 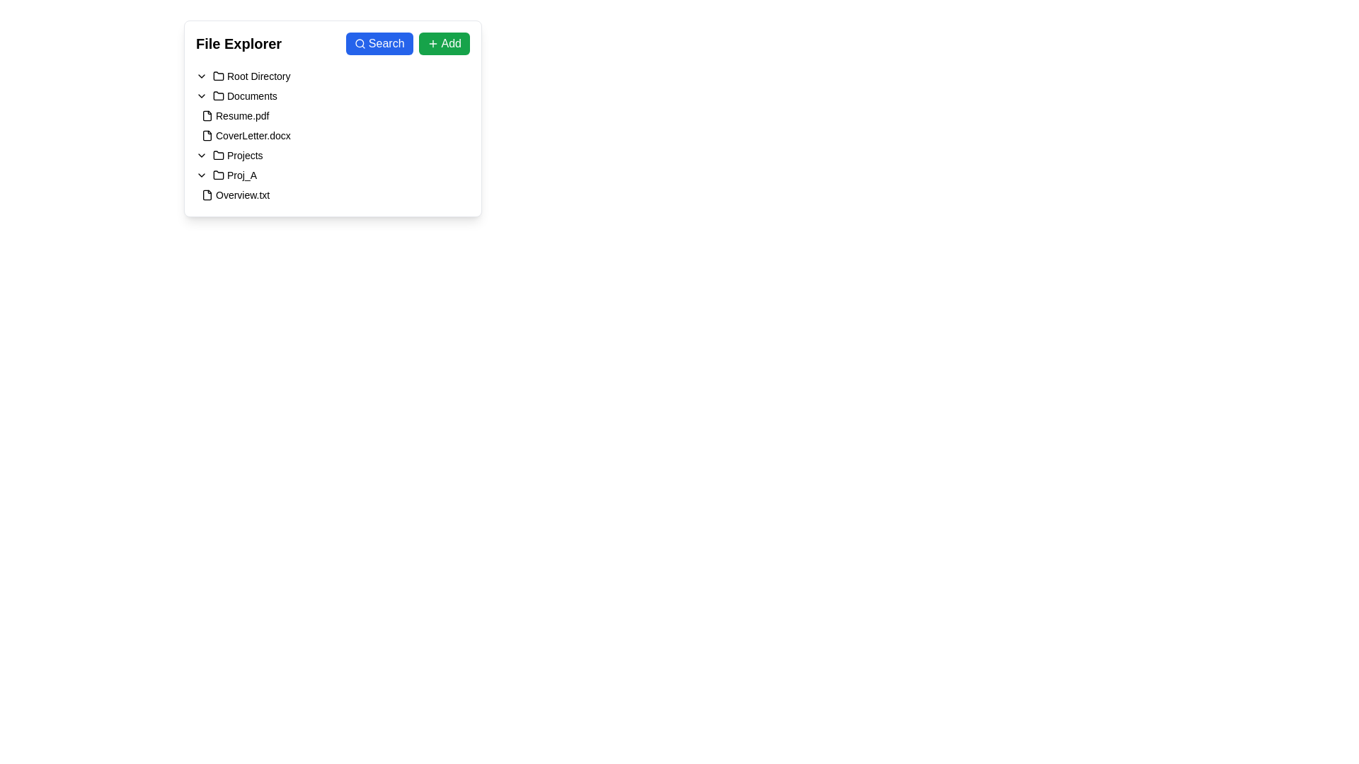 What do you see at coordinates (217, 155) in the screenshot?
I see `the folder icon that resembles thin, rounded outlines and is located immediately to the left of the 'Projects' text label in the file explorer interface` at bounding box center [217, 155].